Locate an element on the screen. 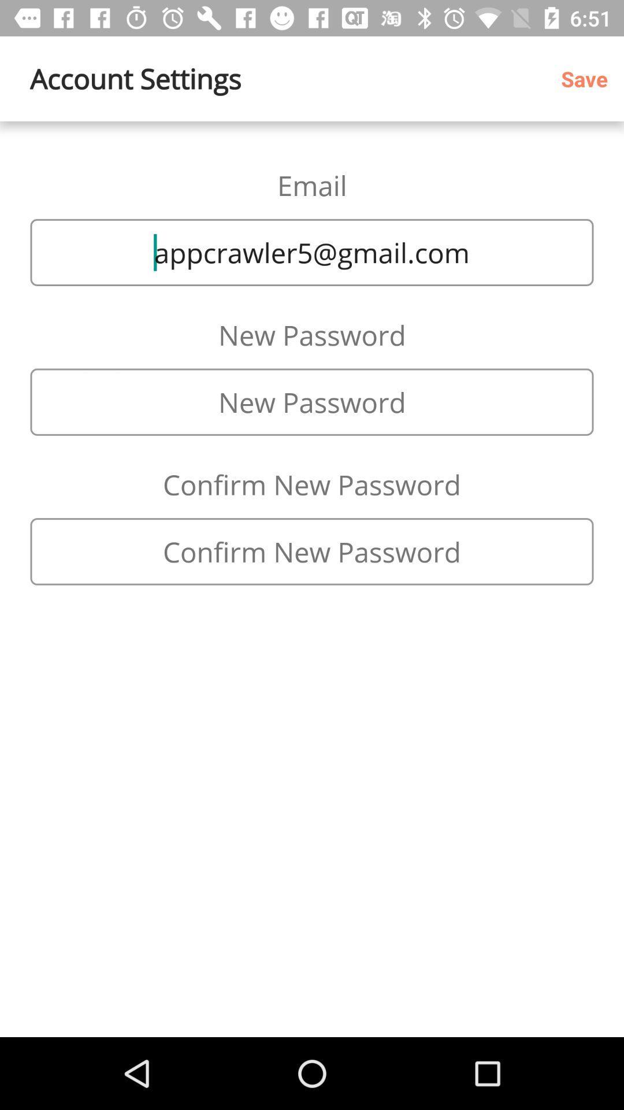 The width and height of the screenshot is (624, 1110). save item is located at coordinates (588, 78).